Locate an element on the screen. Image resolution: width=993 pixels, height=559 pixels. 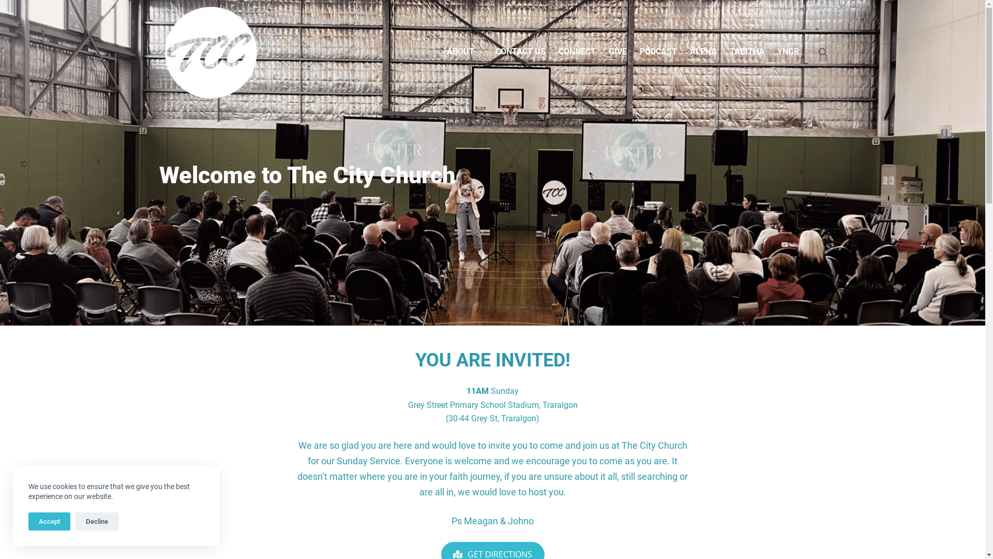
'Give' is located at coordinates (167, 446).